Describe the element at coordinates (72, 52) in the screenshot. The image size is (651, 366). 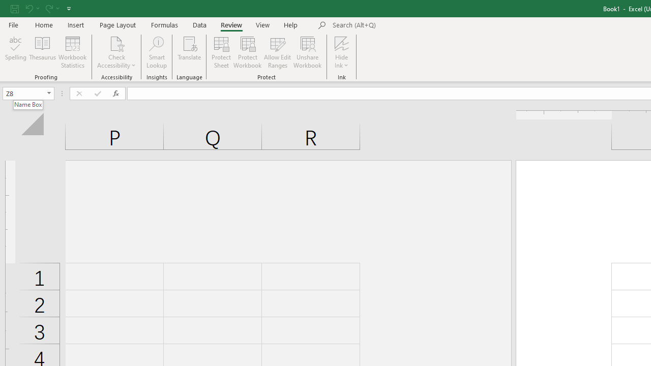
I see `'Workbook Statistics'` at that location.